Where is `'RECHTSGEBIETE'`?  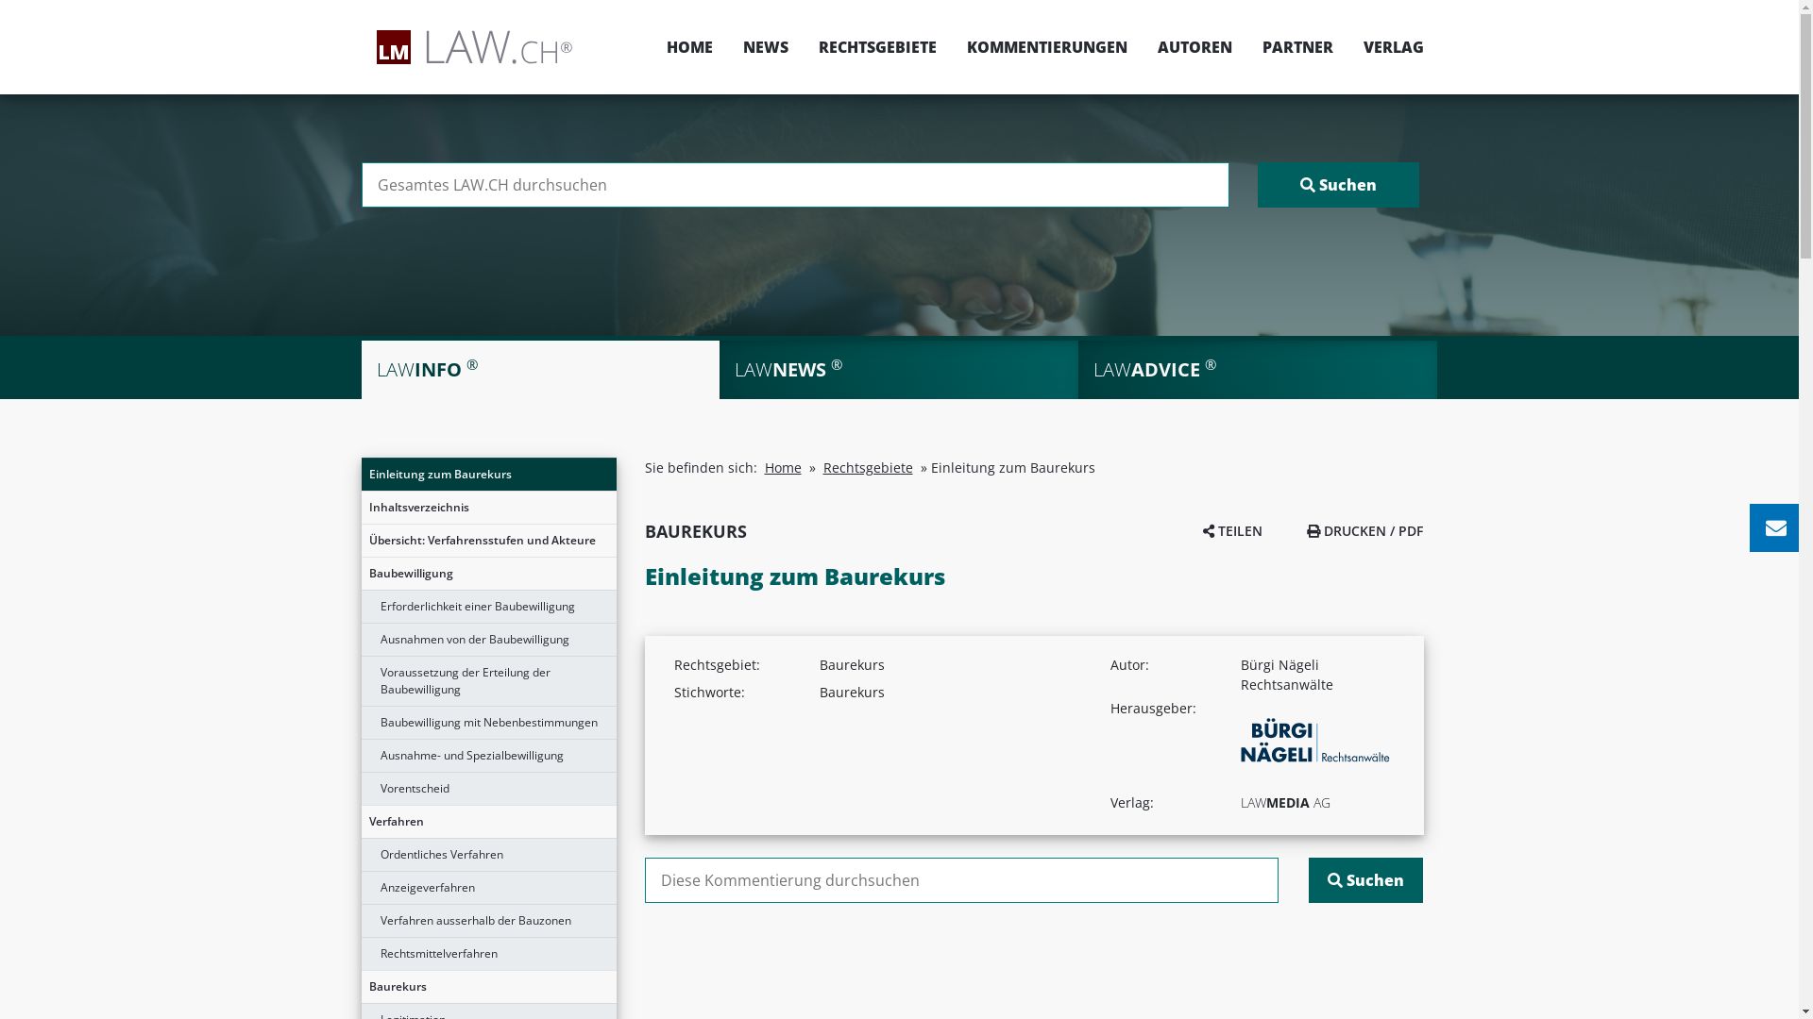
'RECHTSGEBIETE' is located at coordinates (802, 46).